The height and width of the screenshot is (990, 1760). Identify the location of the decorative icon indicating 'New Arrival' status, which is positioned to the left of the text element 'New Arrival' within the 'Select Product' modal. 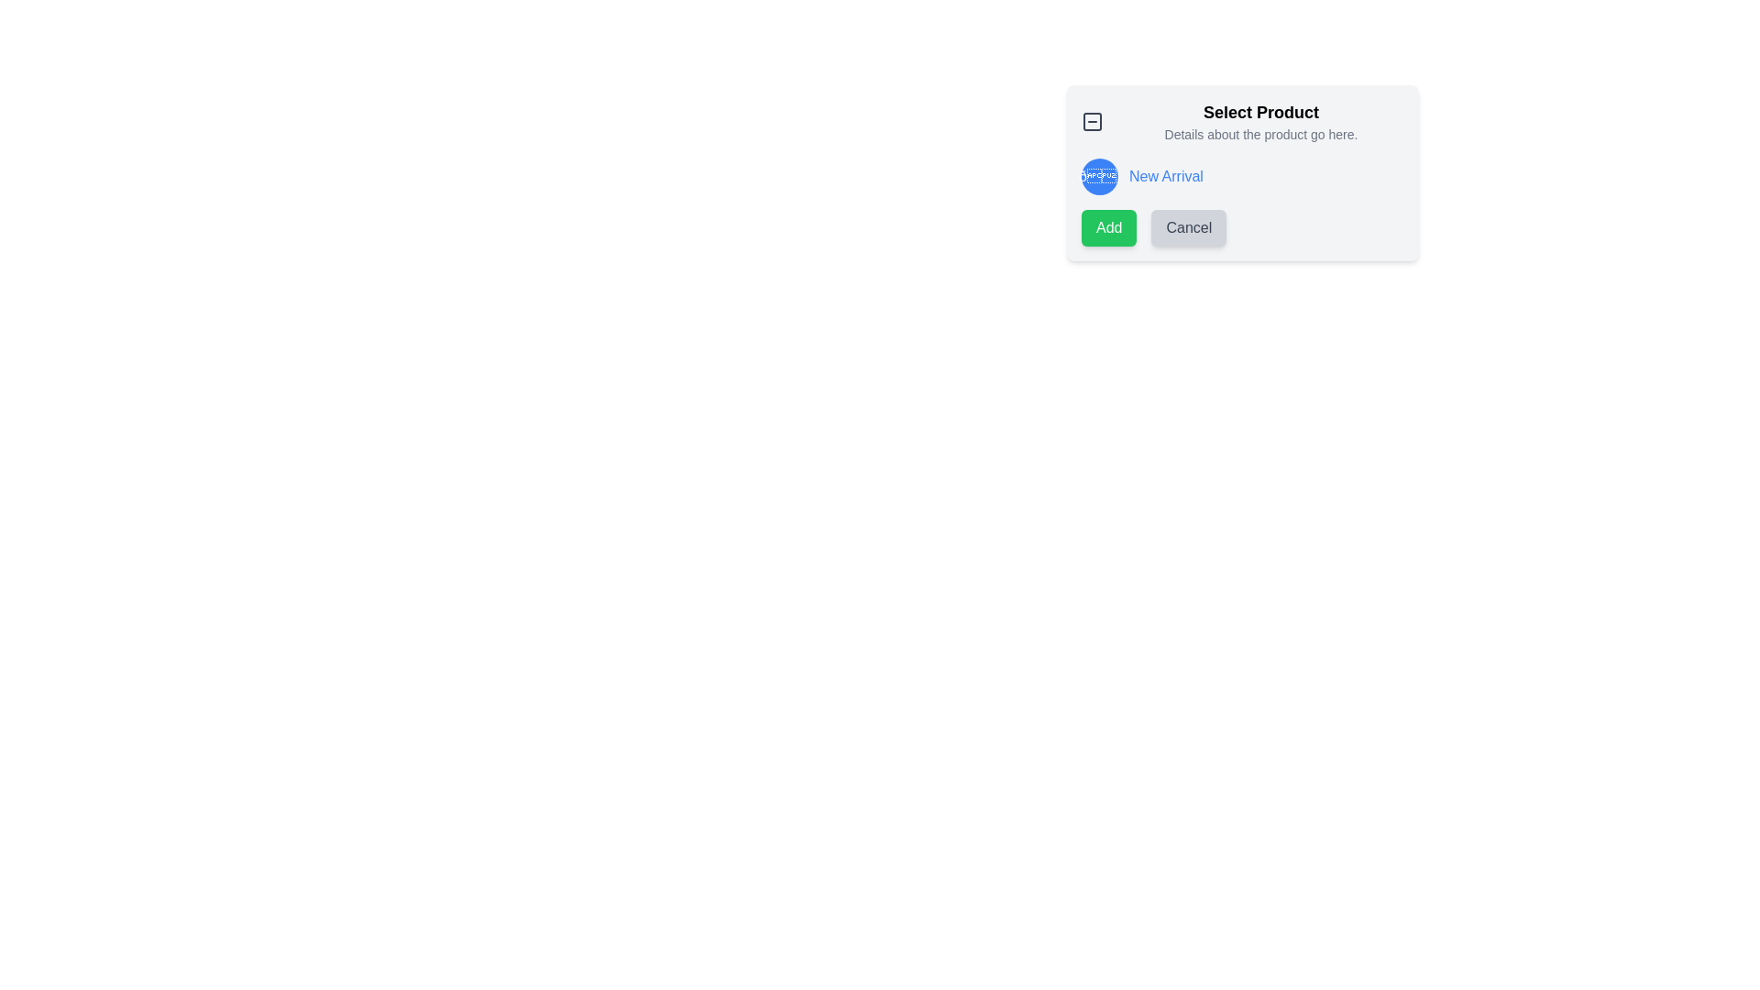
(1100, 176).